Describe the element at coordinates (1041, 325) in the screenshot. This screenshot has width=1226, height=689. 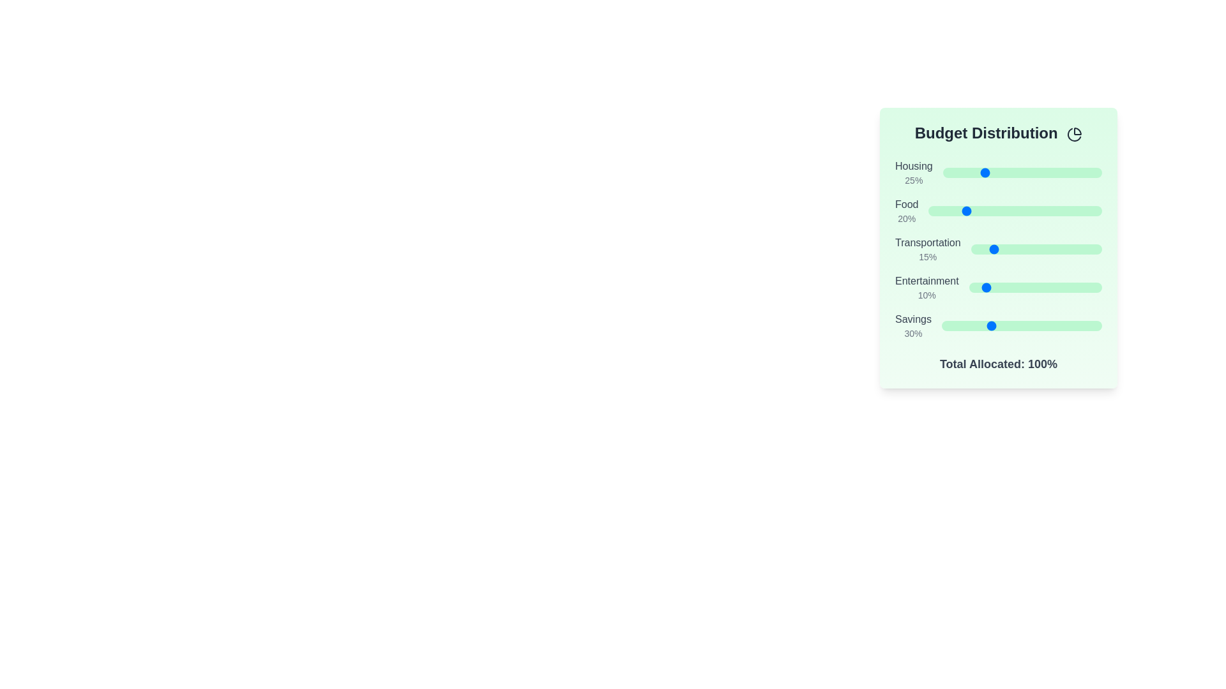
I see `the 'Savings' slider to set its value to 62%` at that location.